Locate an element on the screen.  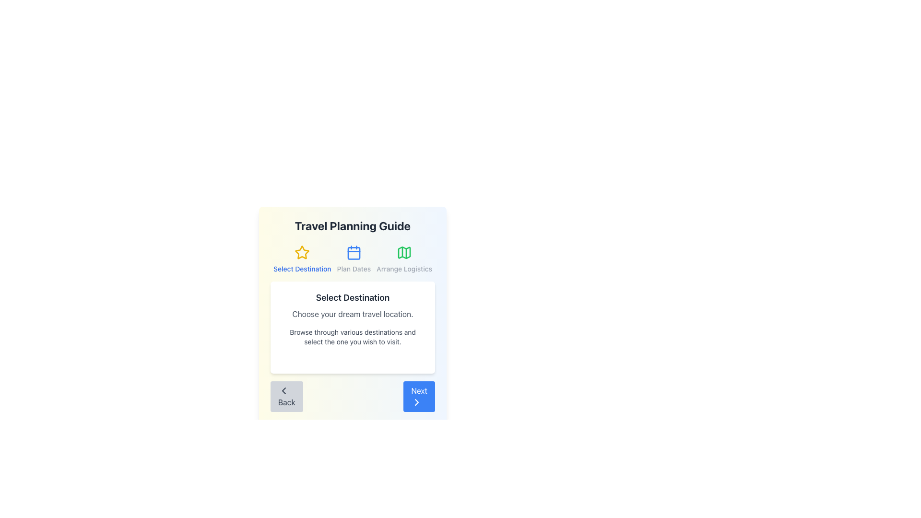
the second icon button from the left within the 'Plan Dates' navigation option is located at coordinates (353, 252).